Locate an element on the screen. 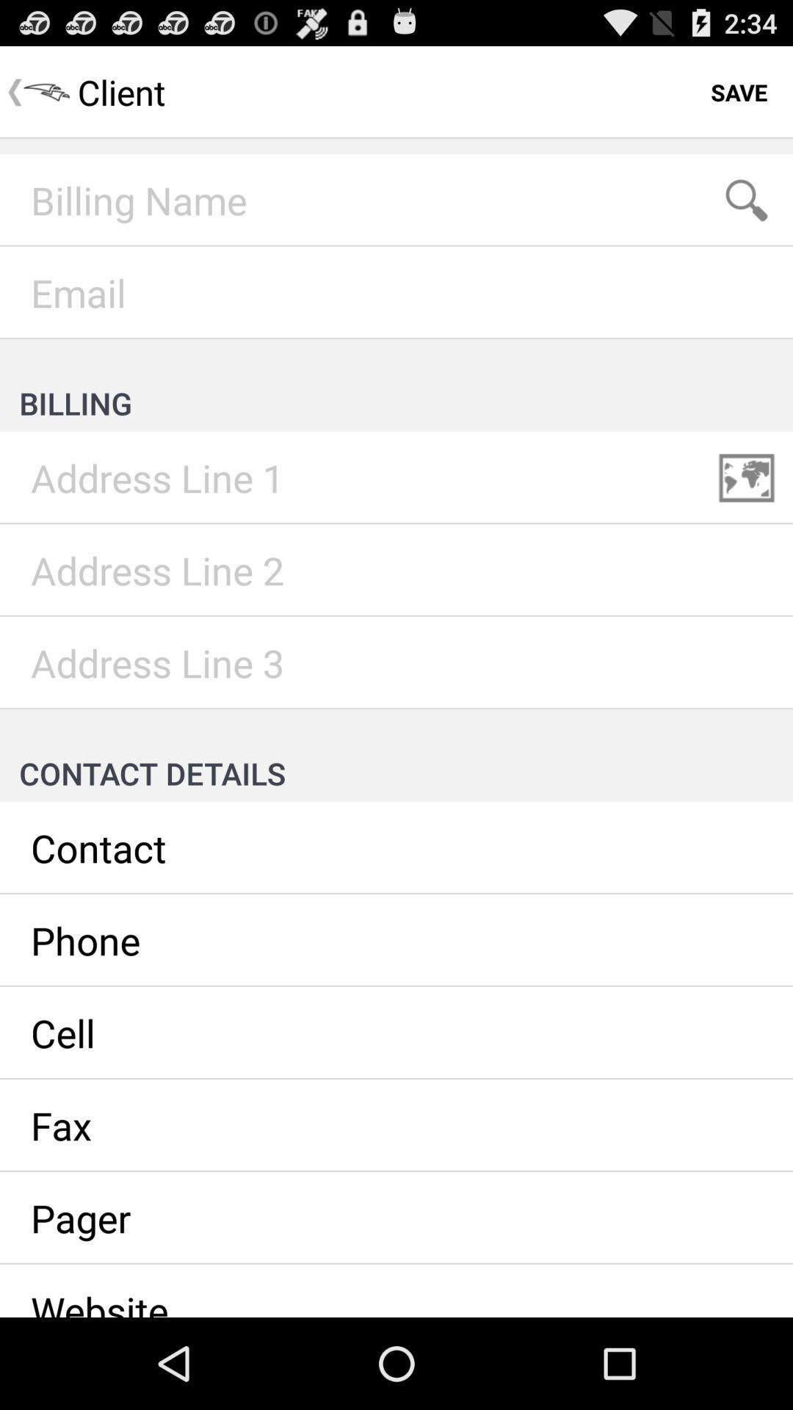 The image size is (793, 1410). website is located at coordinates (396, 1290).